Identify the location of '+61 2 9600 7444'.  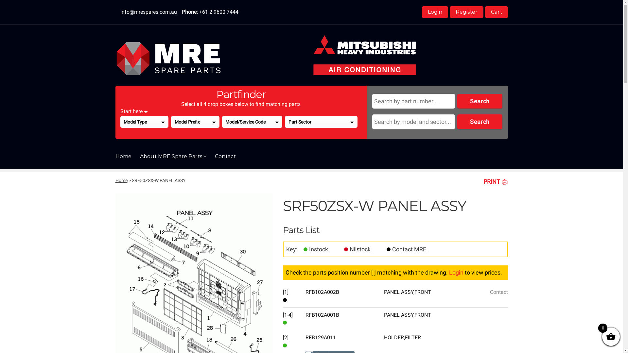
(218, 12).